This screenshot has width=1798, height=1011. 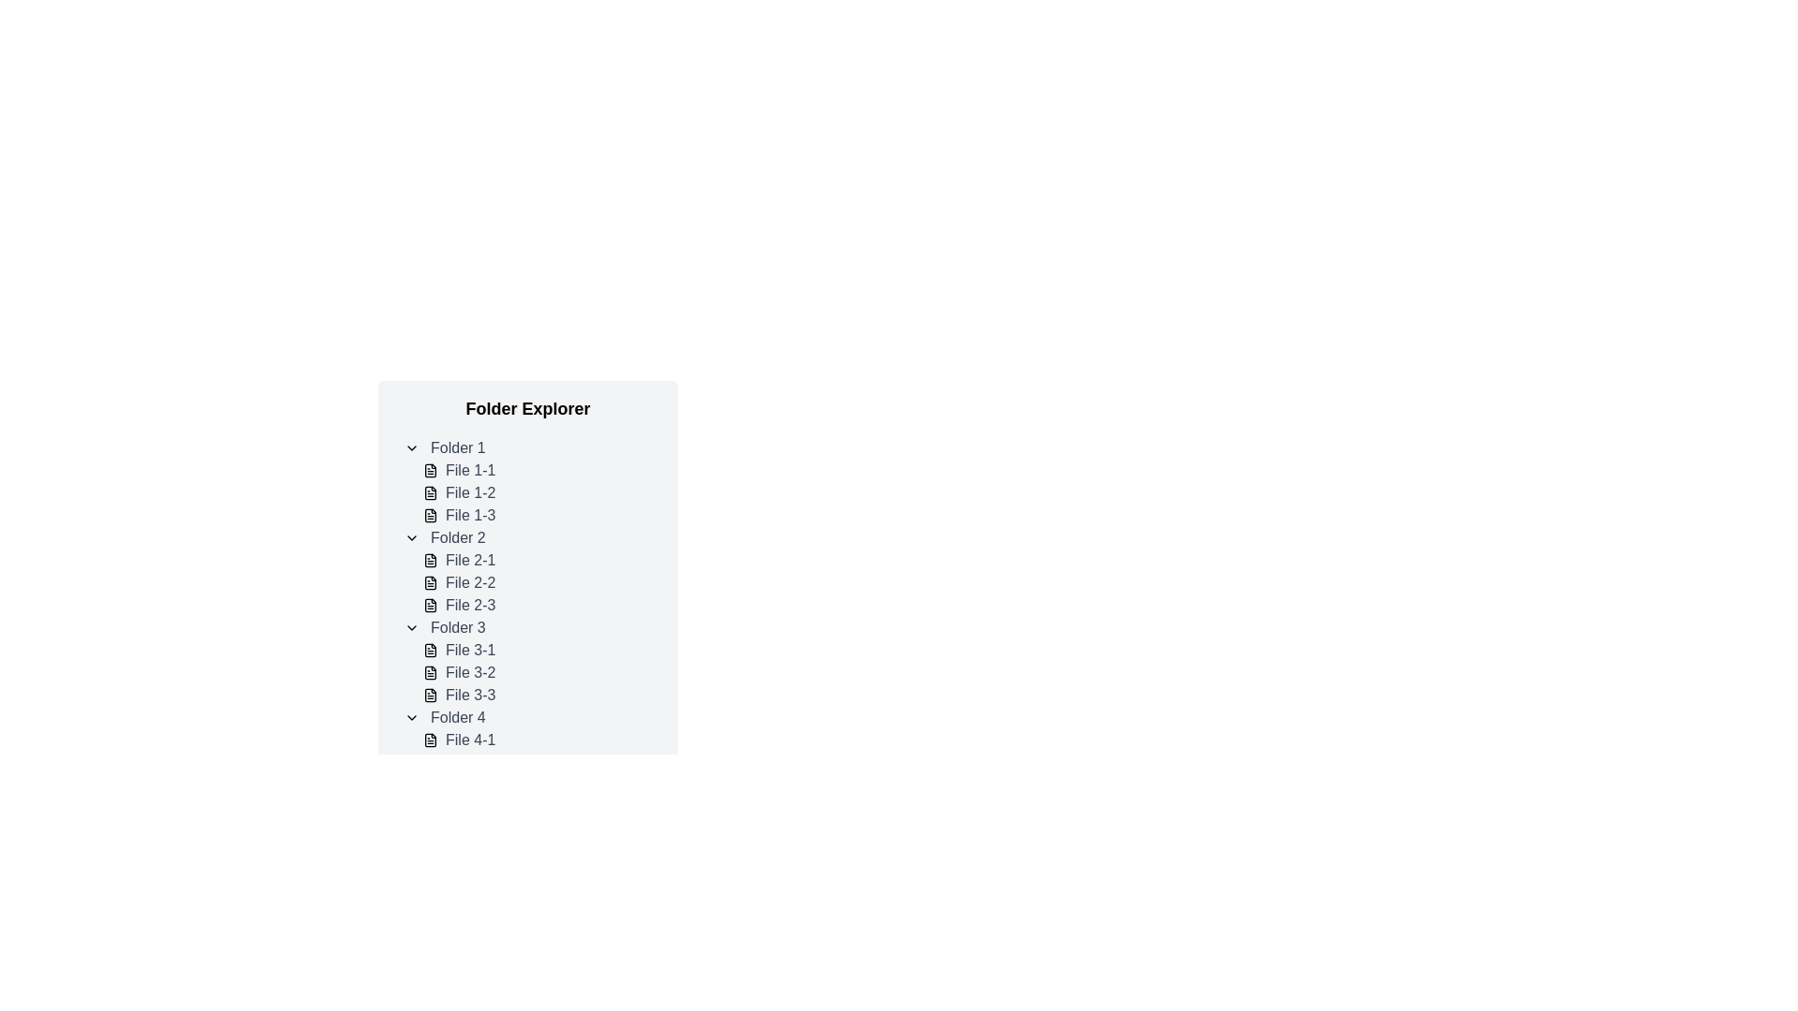 I want to click on the Chevron dropdown toggle icon for 'Folder 4', so click(x=411, y=717).